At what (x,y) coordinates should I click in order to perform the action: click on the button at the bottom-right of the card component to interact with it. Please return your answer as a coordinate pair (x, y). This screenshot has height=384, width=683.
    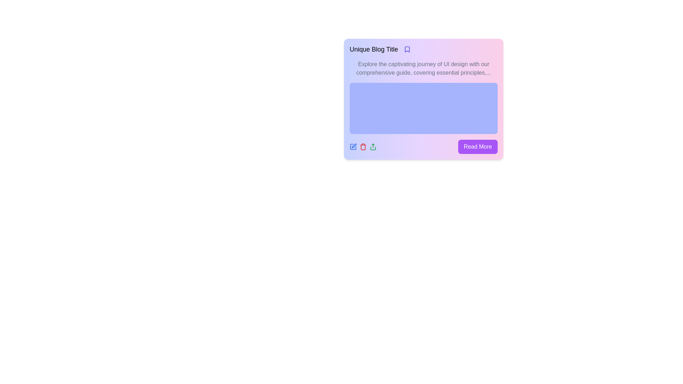
    Looking at the image, I should click on (423, 146).